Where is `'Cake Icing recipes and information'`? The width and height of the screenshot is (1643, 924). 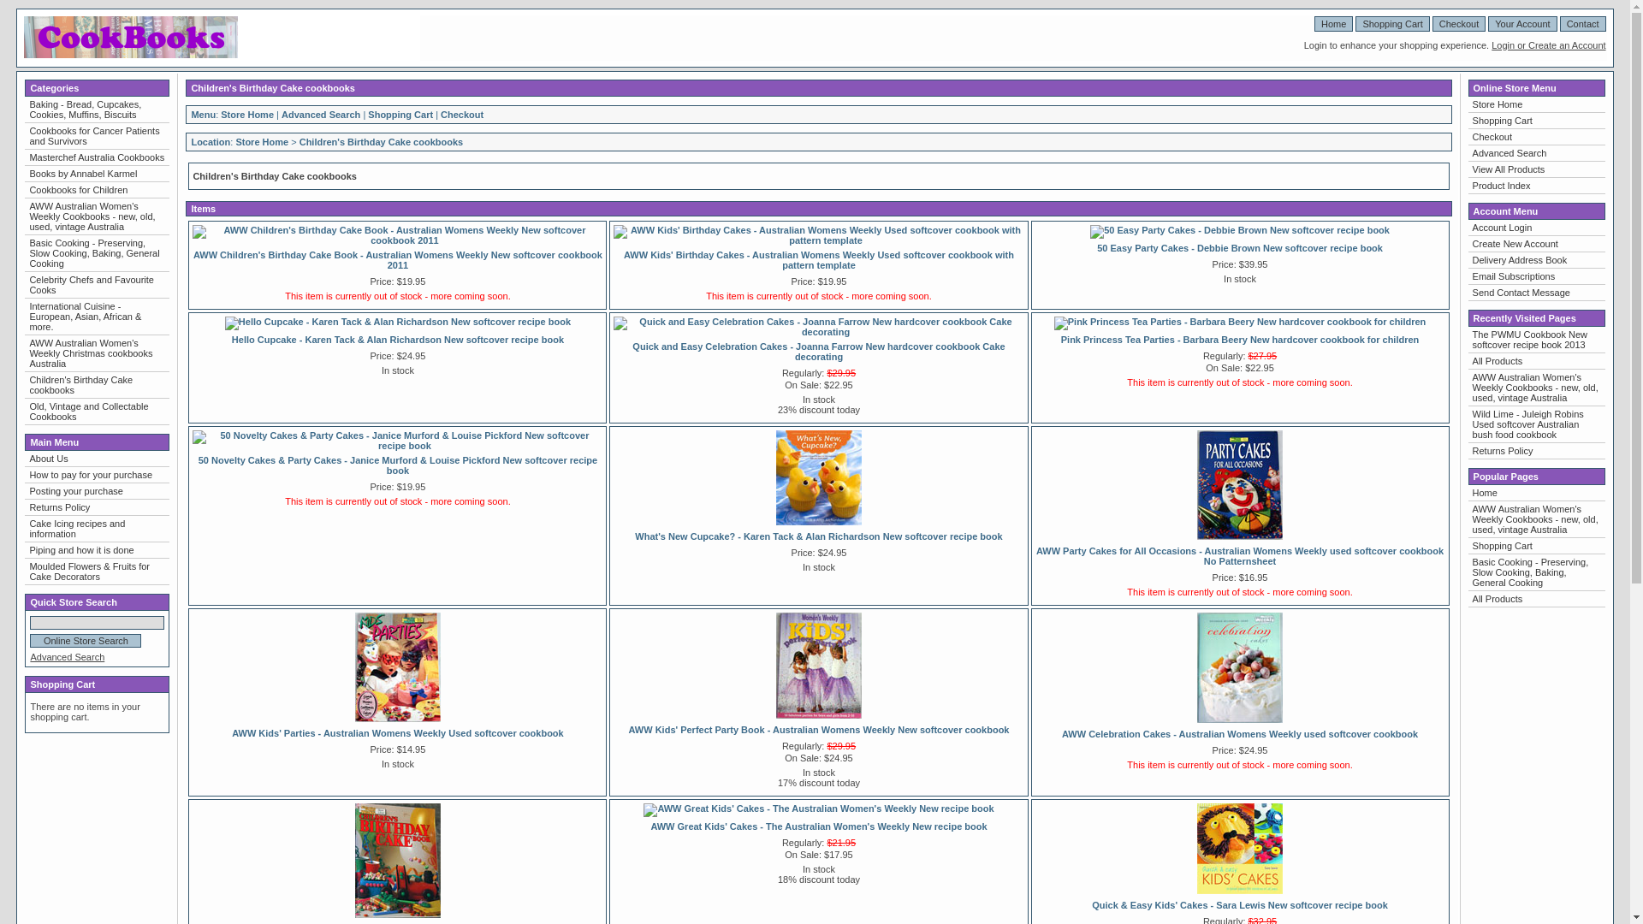 'Cake Icing recipes and information' is located at coordinates (96, 527).